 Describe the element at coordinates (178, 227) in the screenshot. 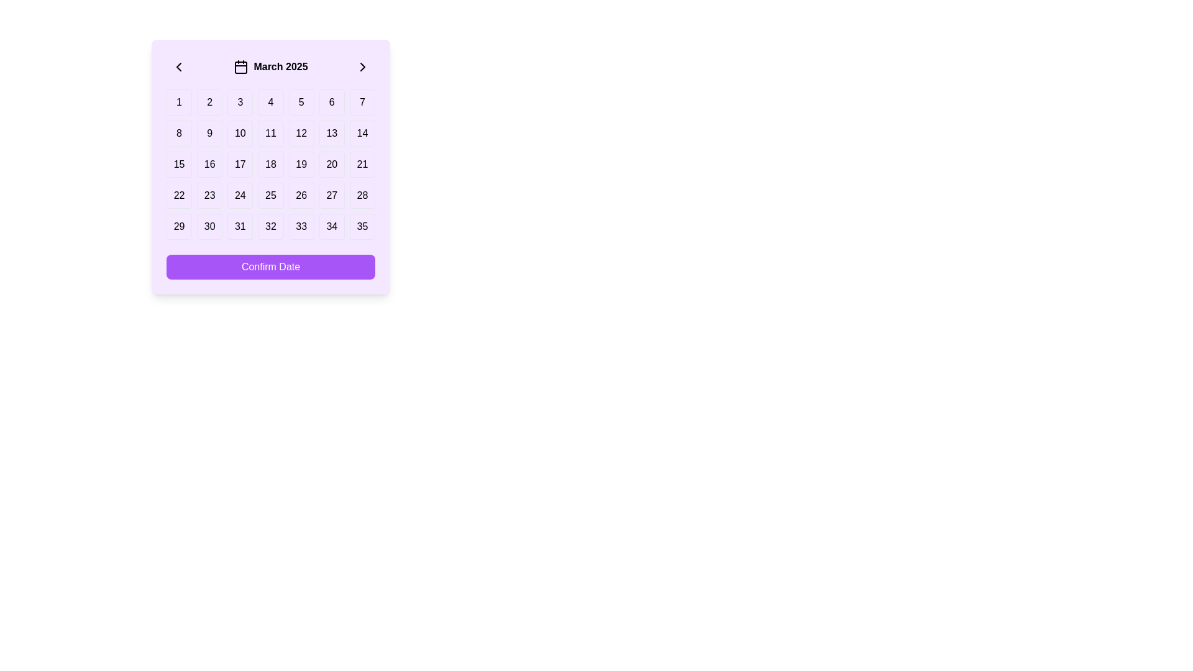

I see `the selectable calendar date button for the 29th day, located in the 5th row and 1st column of the grid layout` at that location.